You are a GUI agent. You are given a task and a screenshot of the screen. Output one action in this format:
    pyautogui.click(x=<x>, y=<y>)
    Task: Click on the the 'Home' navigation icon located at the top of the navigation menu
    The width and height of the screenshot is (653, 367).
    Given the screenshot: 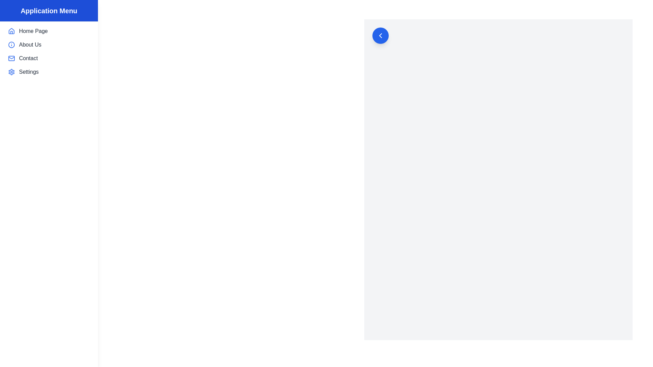 What is the action you would take?
    pyautogui.click(x=11, y=31)
    